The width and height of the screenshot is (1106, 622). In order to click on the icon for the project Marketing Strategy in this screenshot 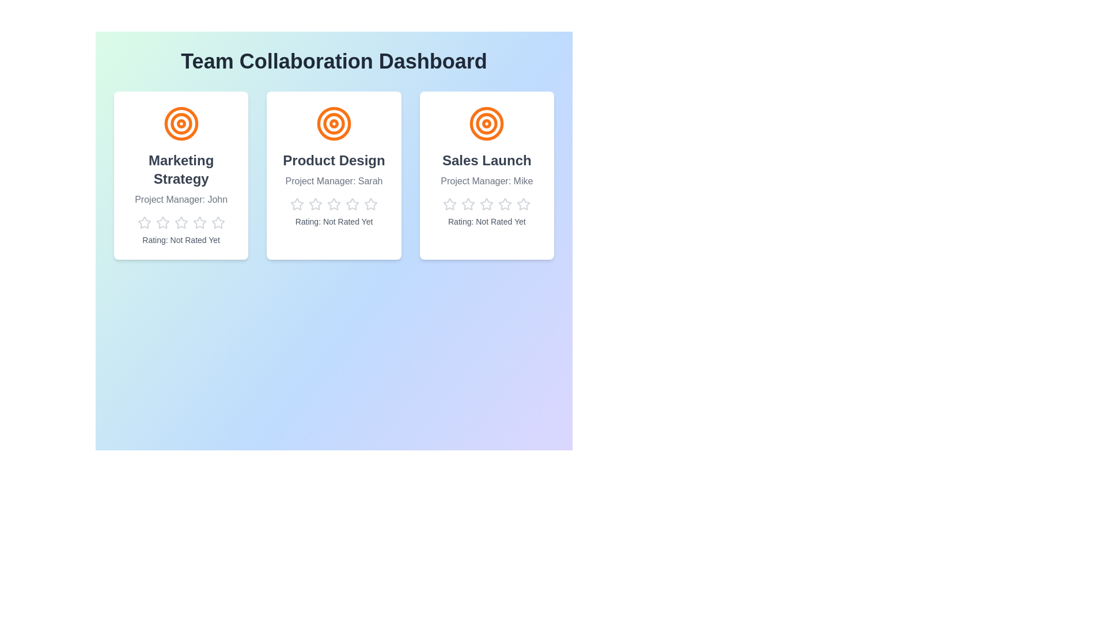, I will do `click(180, 124)`.